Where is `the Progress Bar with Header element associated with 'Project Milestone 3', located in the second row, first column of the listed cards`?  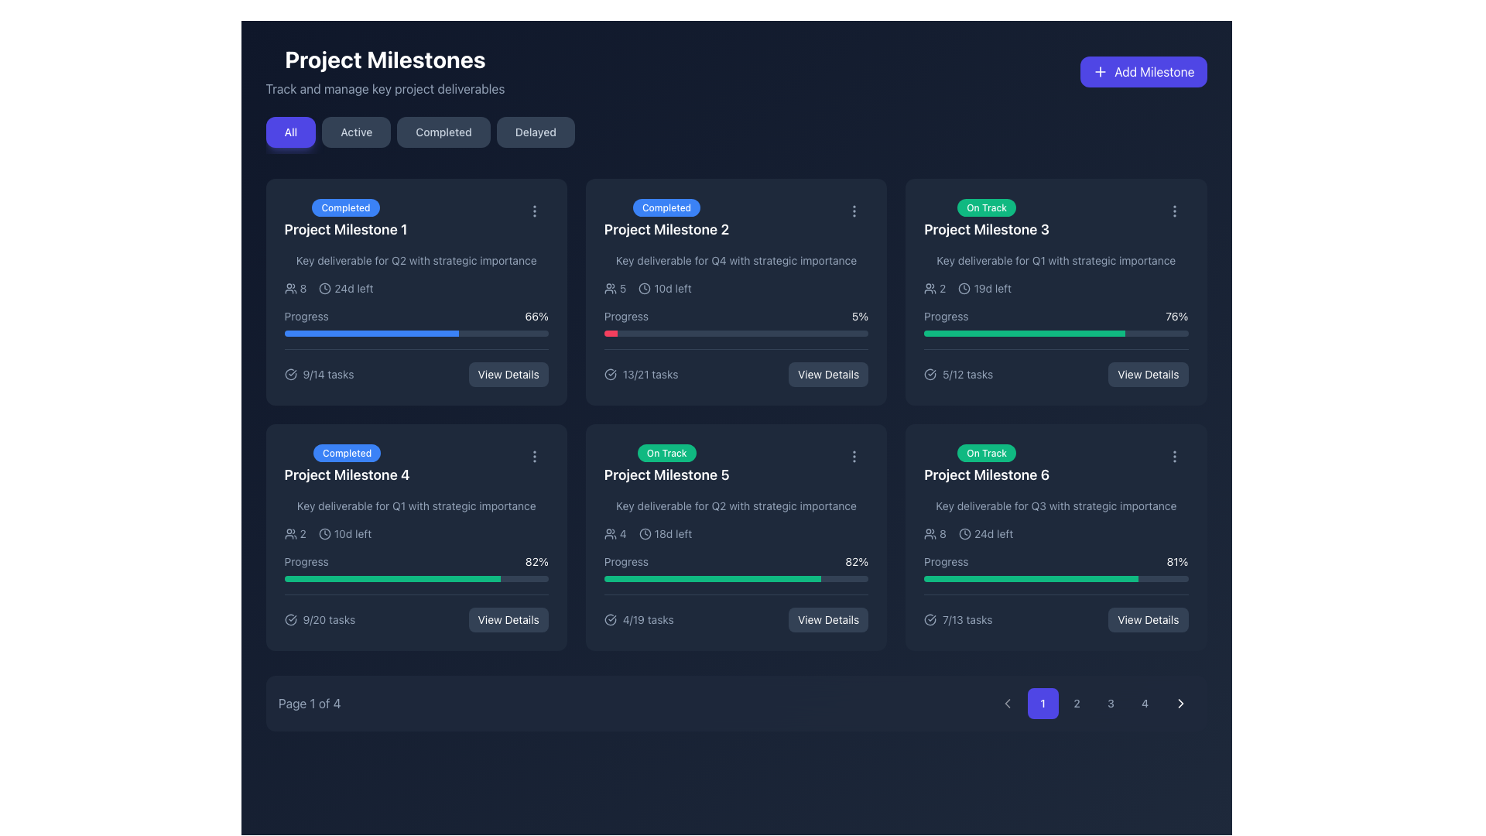
the Progress Bar with Header element associated with 'Project Milestone 3', located in the second row, first column of the listed cards is located at coordinates (1055, 321).